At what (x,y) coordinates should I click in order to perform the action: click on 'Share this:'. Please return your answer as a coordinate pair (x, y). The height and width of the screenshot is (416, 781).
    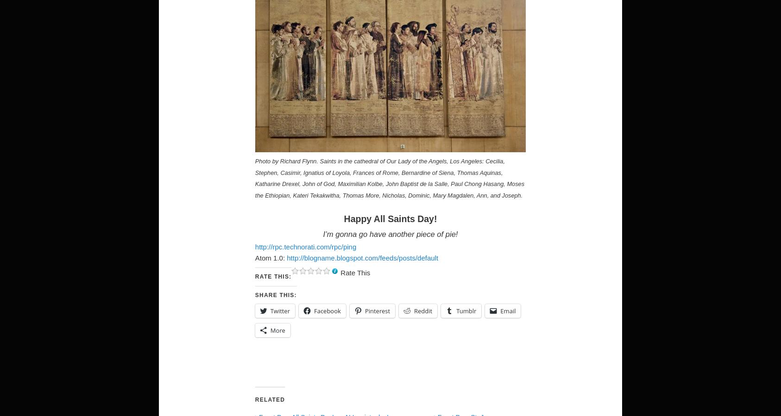
    Looking at the image, I should click on (254, 294).